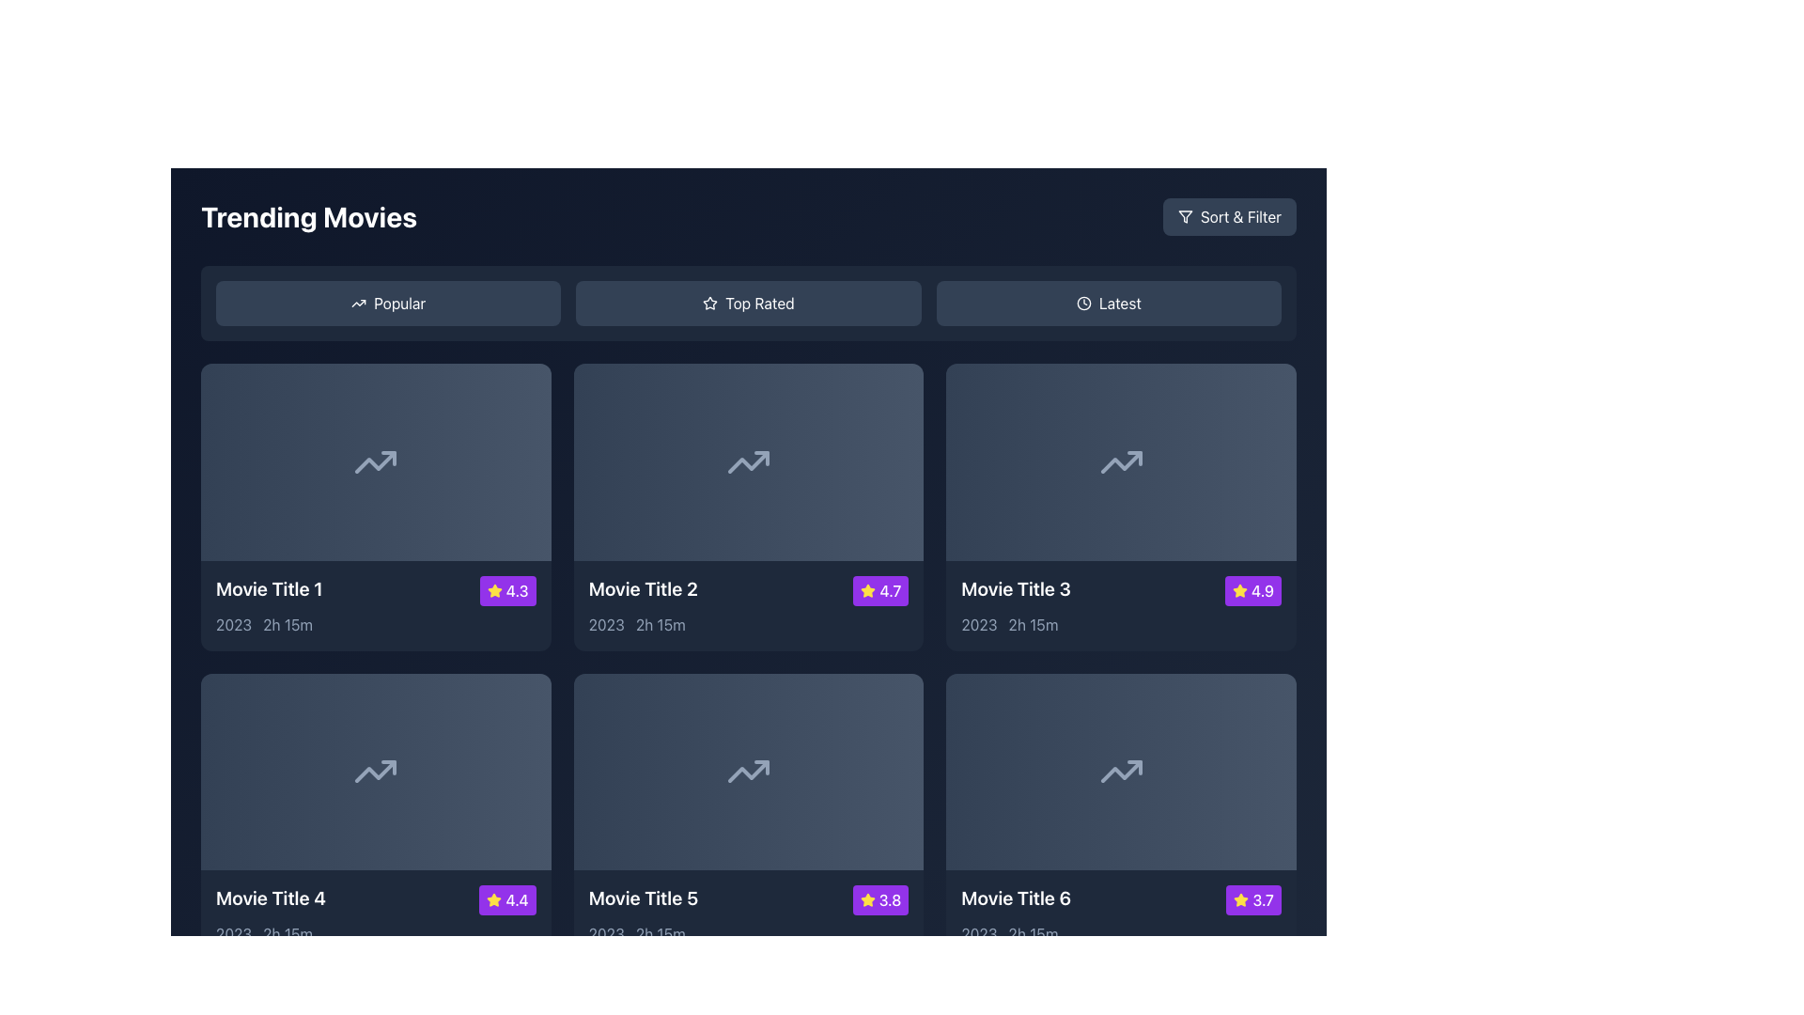 The image size is (1804, 1015). I want to click on the trending icon located in the third movie card labeled 'Movie Title 3', so click(1121, 461).